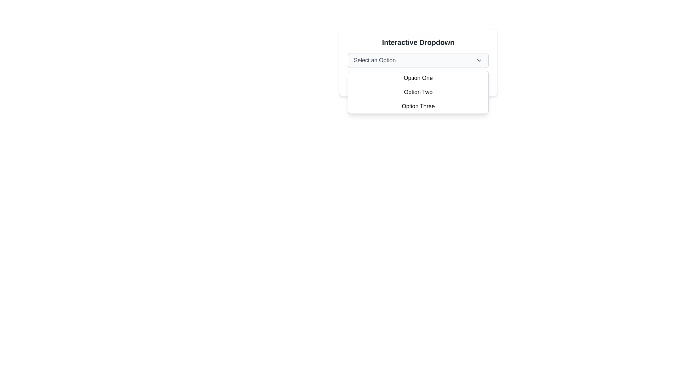  I want to click on the dropdown menu labeled 'Select an Option', so click(418, 60).